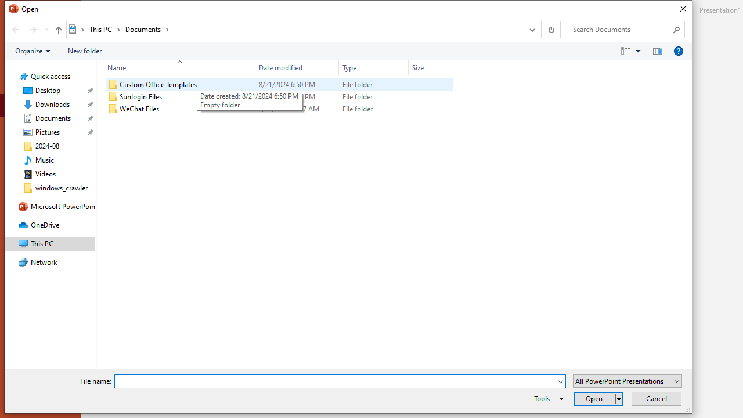 The height and width of the screenshot is (418, 743). I want to click on '&Help', so click(678, 50).